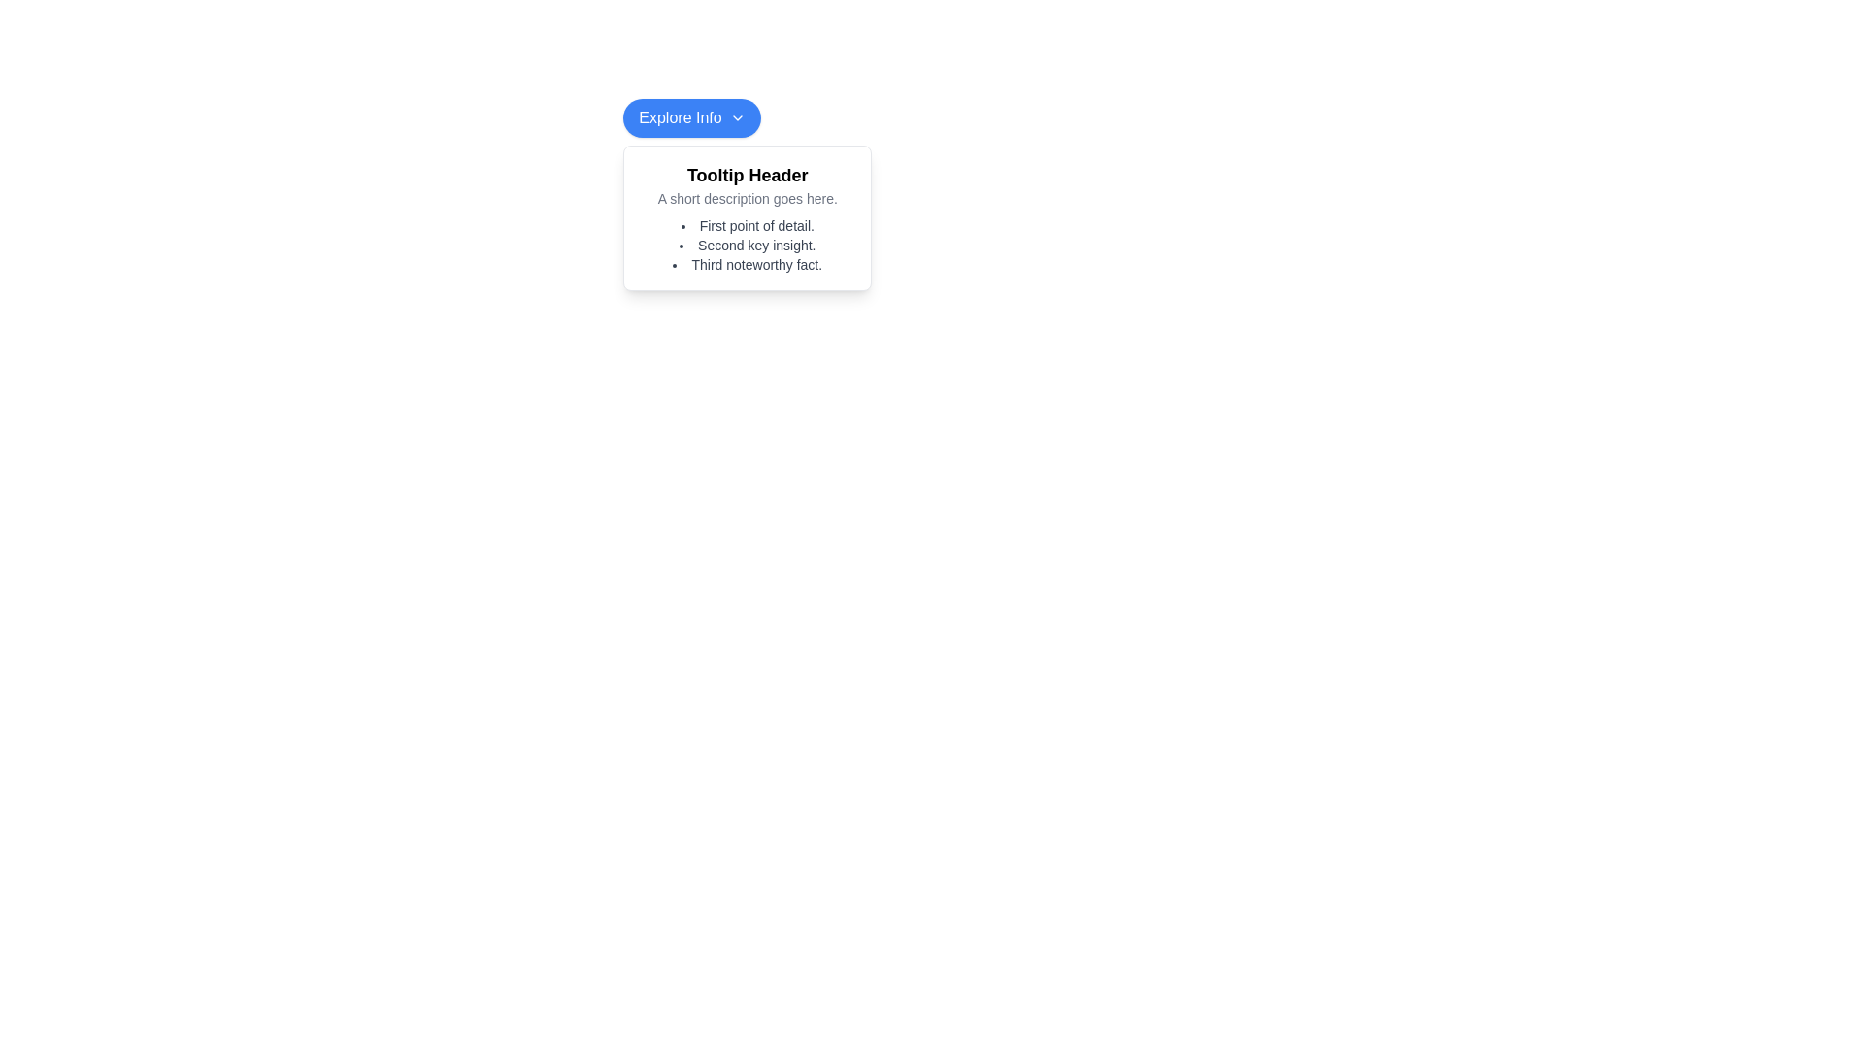  I want to click on the chevron-down icon located on the right side of the 'Explore Info' button, which indicates expandable functionality, so click(736, 118).